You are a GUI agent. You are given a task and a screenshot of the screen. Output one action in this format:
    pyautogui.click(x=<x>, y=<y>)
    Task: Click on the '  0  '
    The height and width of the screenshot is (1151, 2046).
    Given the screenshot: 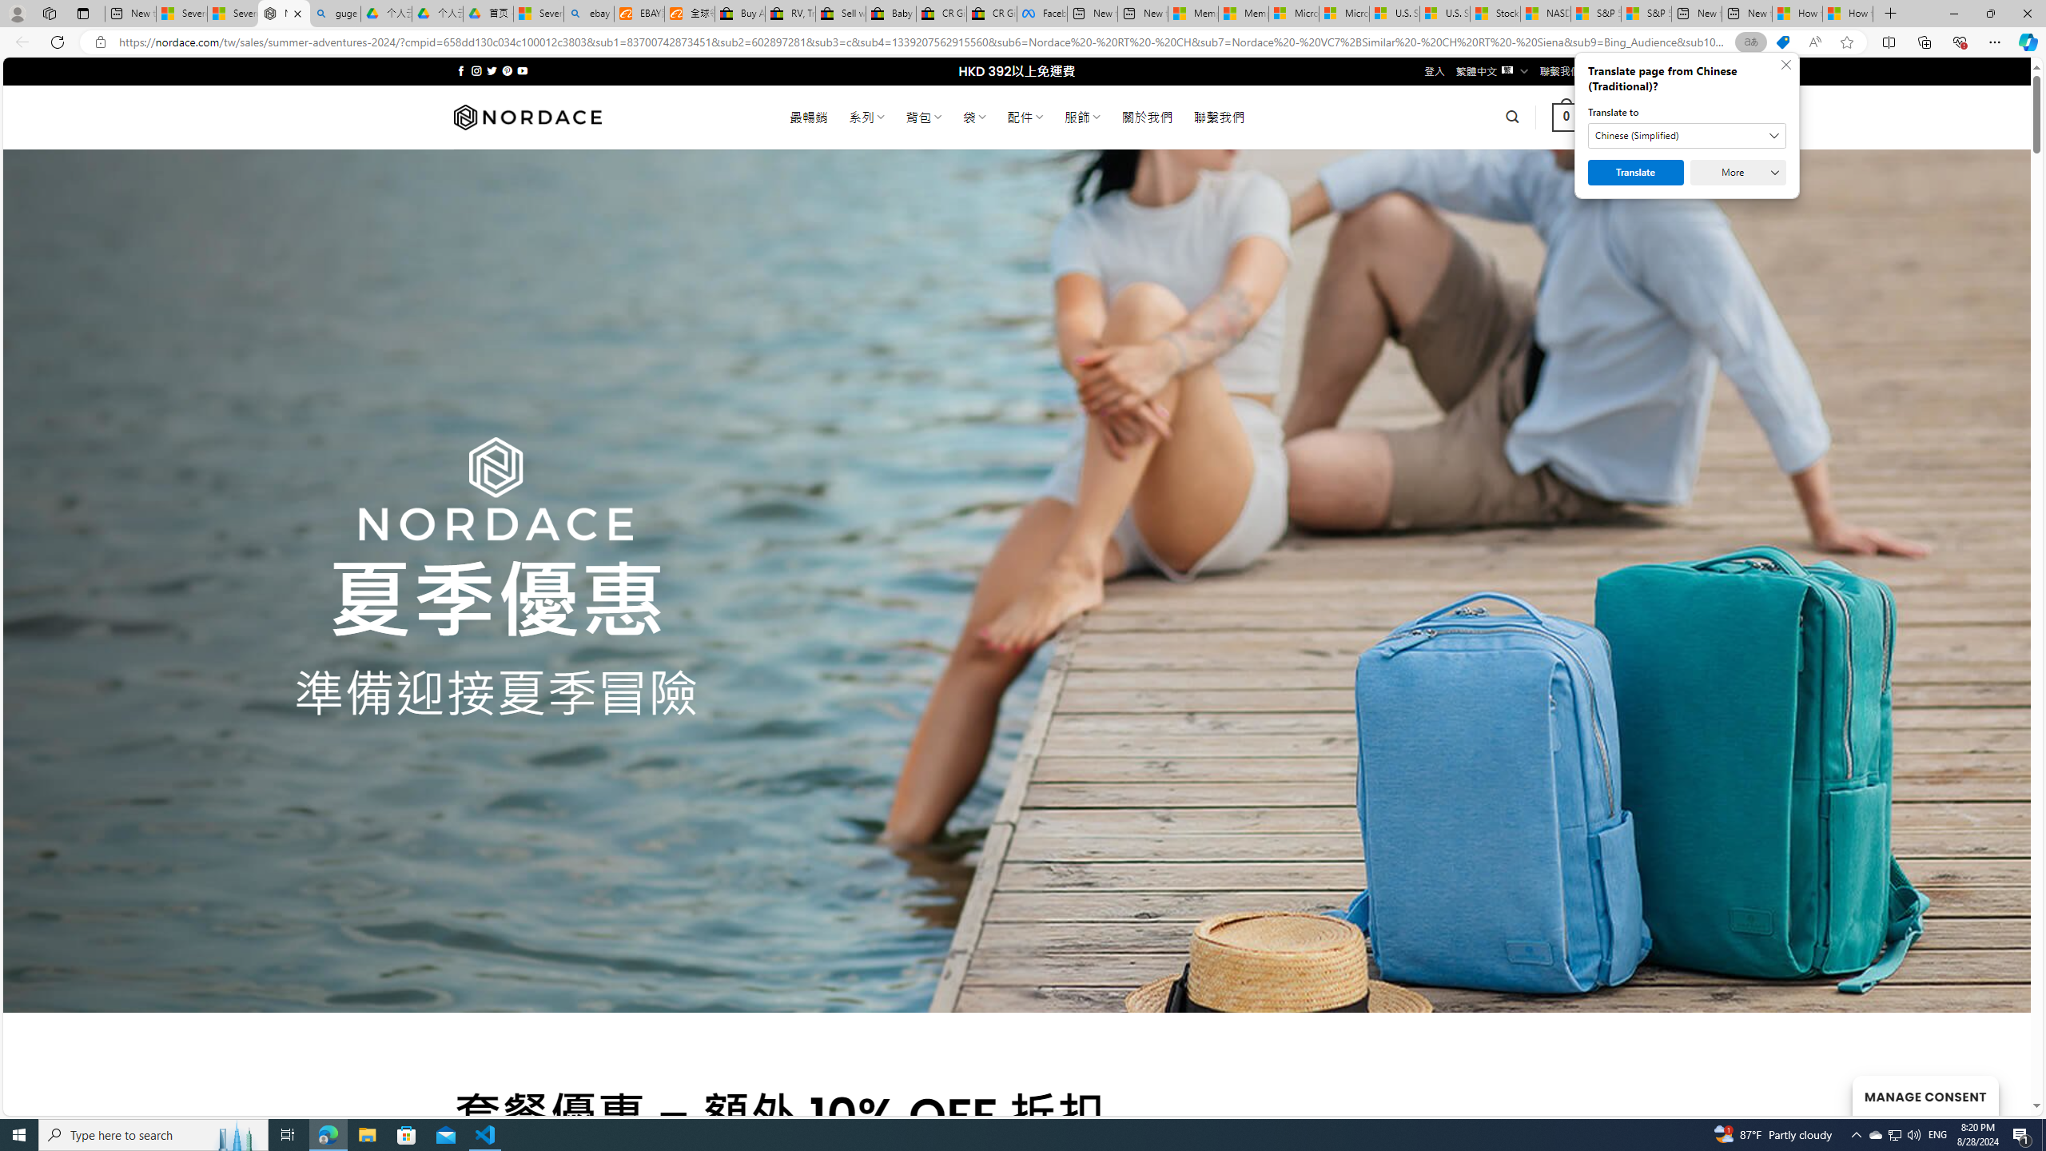 What is the action you would take?
    pyautogui.click(x=1566, y=116)
    